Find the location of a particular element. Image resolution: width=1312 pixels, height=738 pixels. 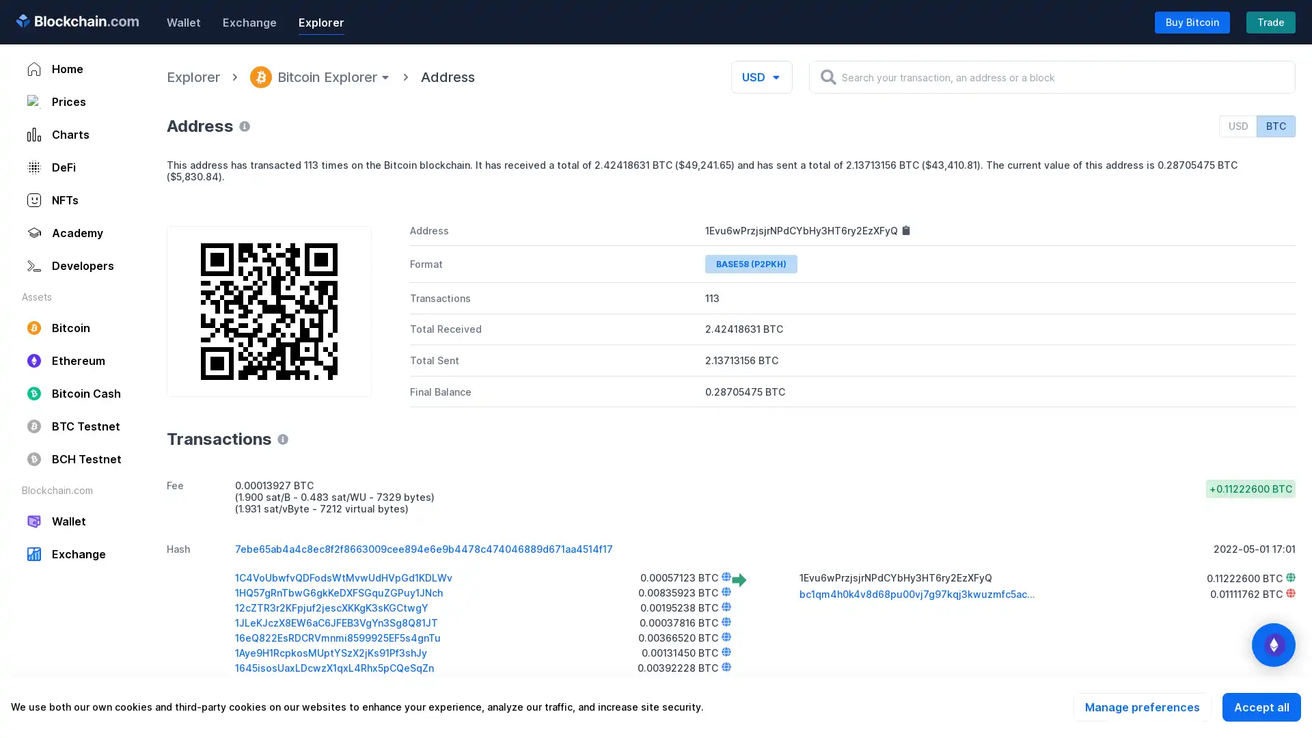

Accept all is located at coordinates (1261, 707).